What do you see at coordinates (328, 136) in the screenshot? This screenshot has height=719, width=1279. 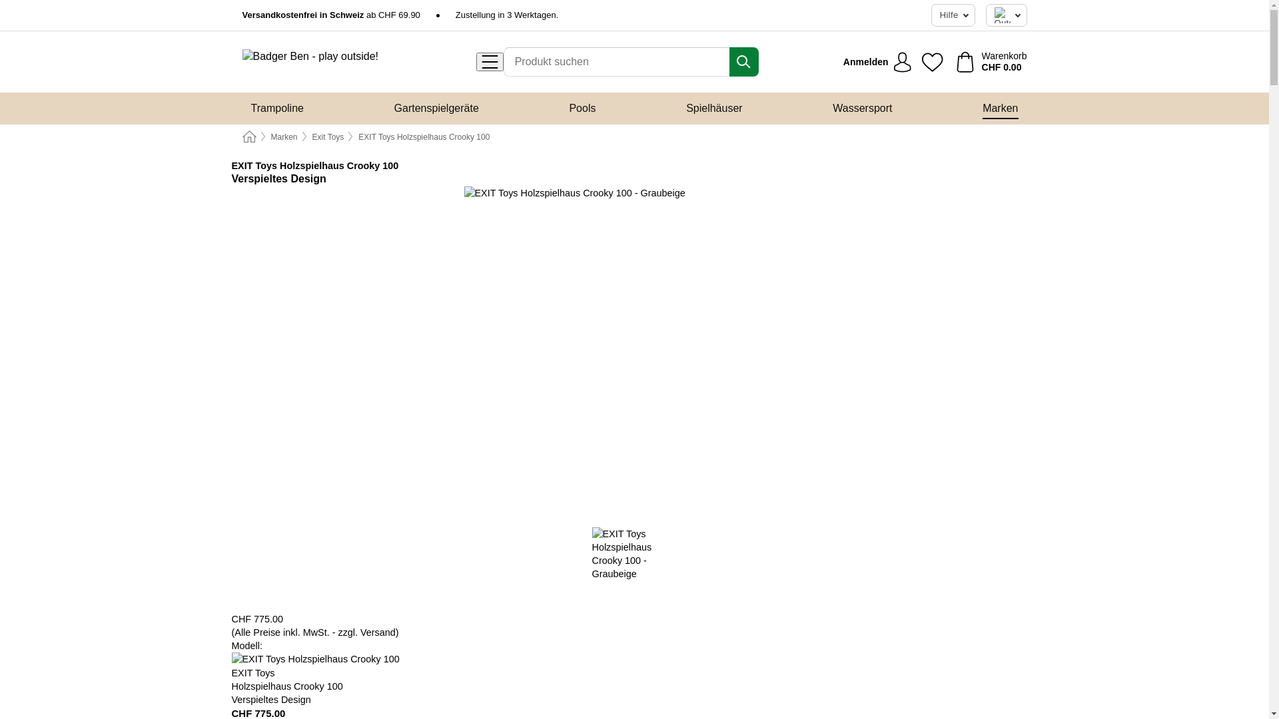 I see `'Exit Toys'` at bounding box center [328, 136].